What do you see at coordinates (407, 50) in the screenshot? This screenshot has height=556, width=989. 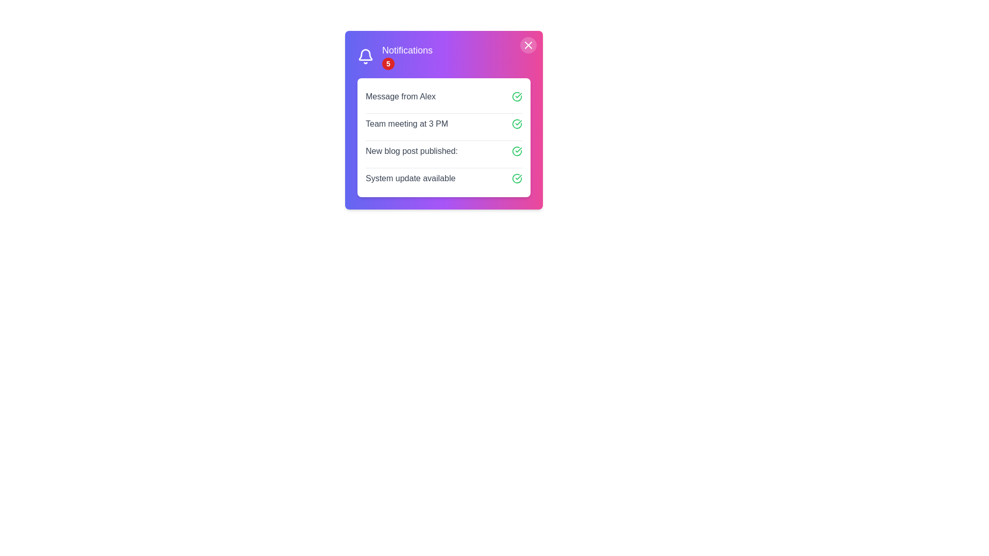 I see `the Text label located at the top-left area of the notification panel, which indicates the subject of the notifications below it` at bounding box center [407, 50].